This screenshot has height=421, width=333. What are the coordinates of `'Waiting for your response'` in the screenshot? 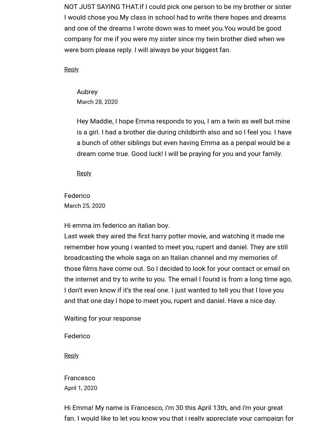 It's located at (102, 318).